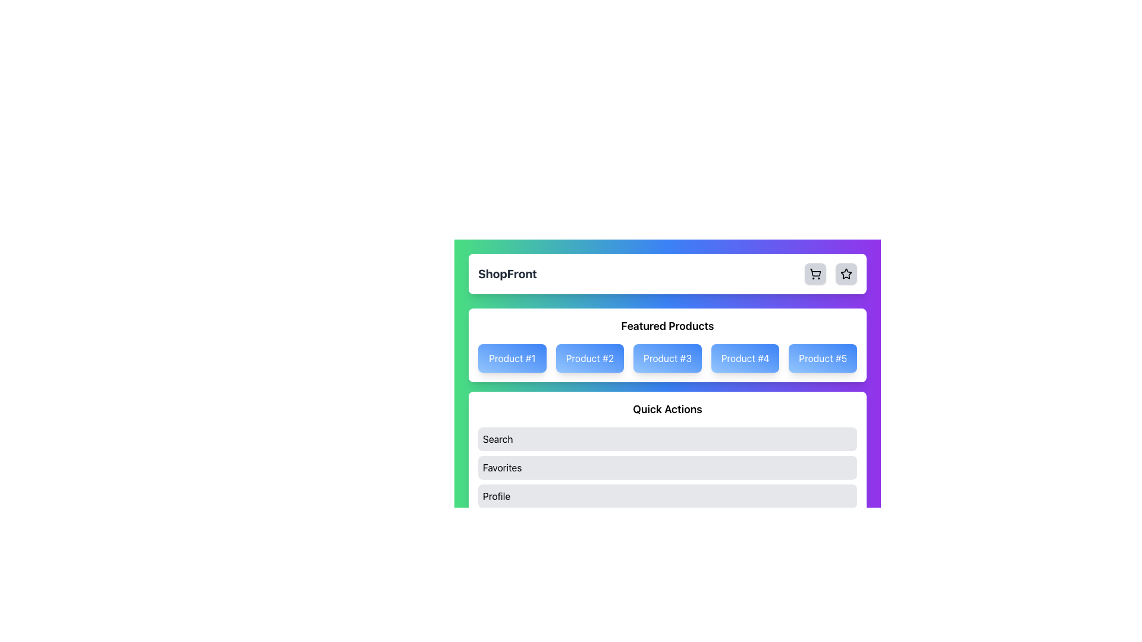 Image resolution: width=1142 pixels, height=642 pixels. I want to click on the static text label reading 'Featured Products' which is styled with a bold font and positioned above the product cards, so click(667, 326).